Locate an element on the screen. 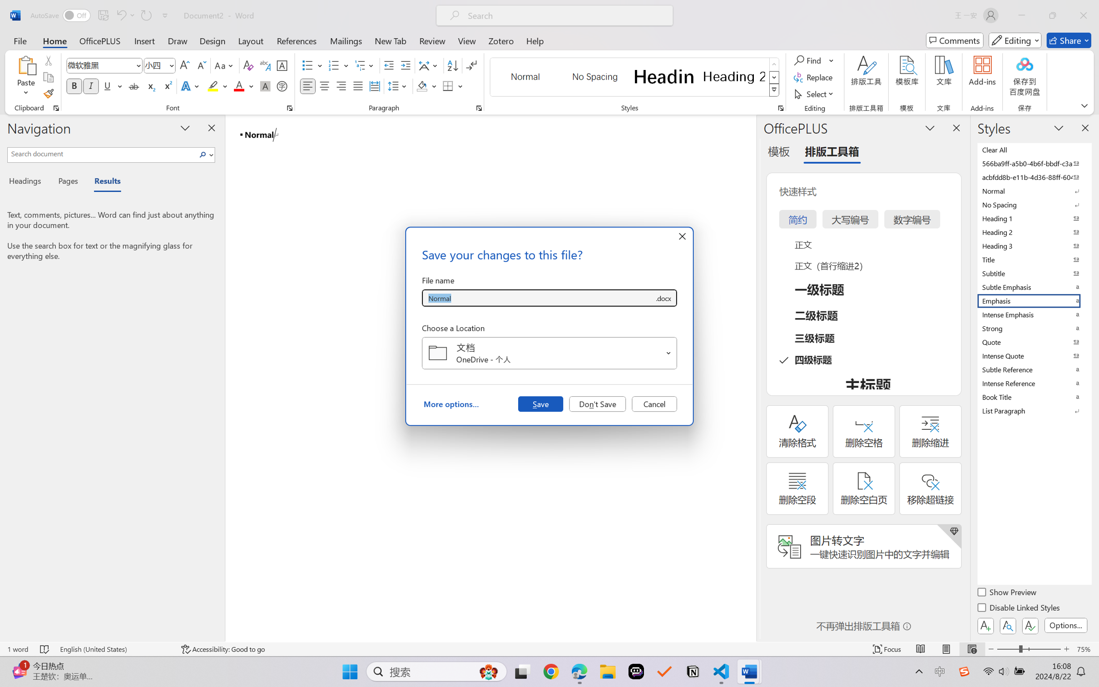 This screenshot has width=1099, height=687. 'Heading 2' is located at coordinates (734, 76).